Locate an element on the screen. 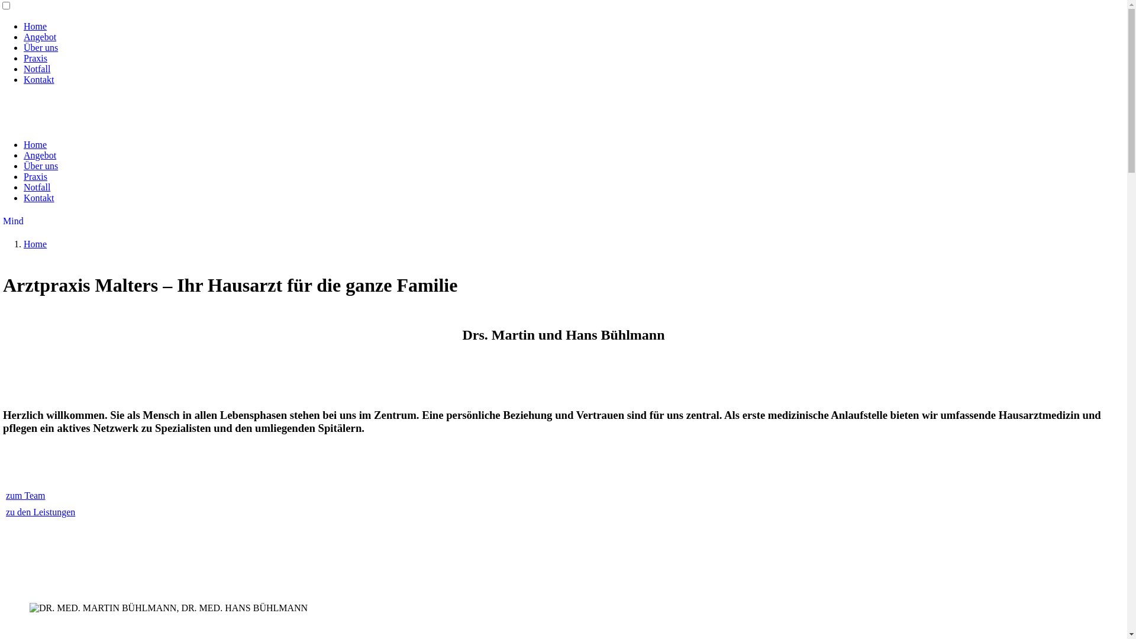 The width and height of the screenshot is (1136, 639). 'Home' is located at coordinates (35, 26).